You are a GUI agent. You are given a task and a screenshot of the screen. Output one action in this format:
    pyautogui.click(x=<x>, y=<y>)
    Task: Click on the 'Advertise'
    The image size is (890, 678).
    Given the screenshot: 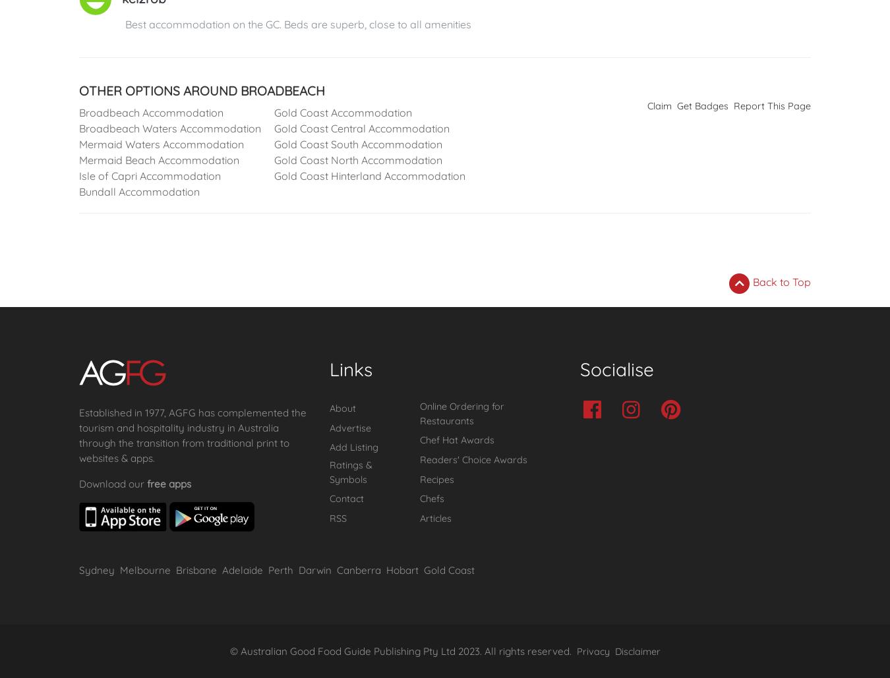 What is the action you would take?
    pyautogui.click(x=349, y=427)
    